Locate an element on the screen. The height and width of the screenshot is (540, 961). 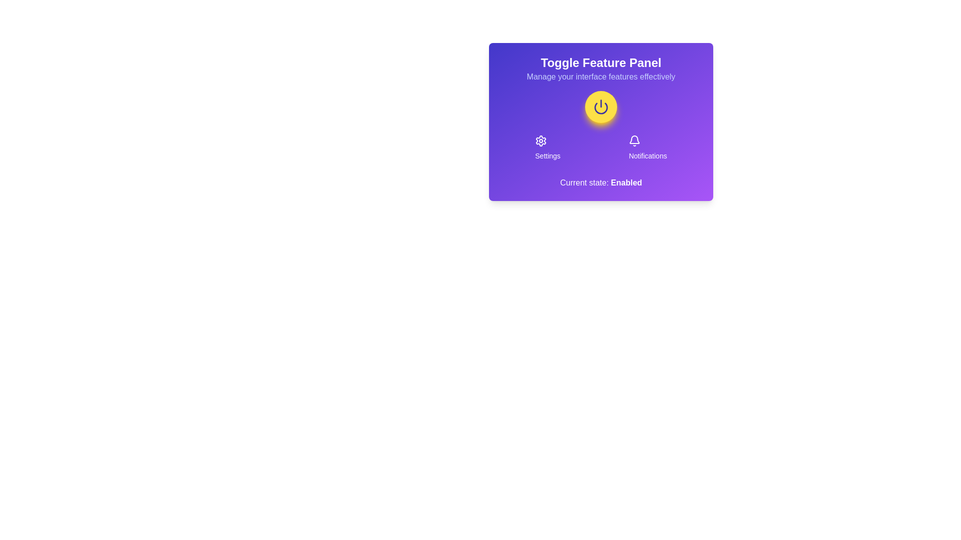
the power toggle SVG icon located at the center of the yellow circular button in the middle-top section of the card interface is located at coordinates (601, 106).